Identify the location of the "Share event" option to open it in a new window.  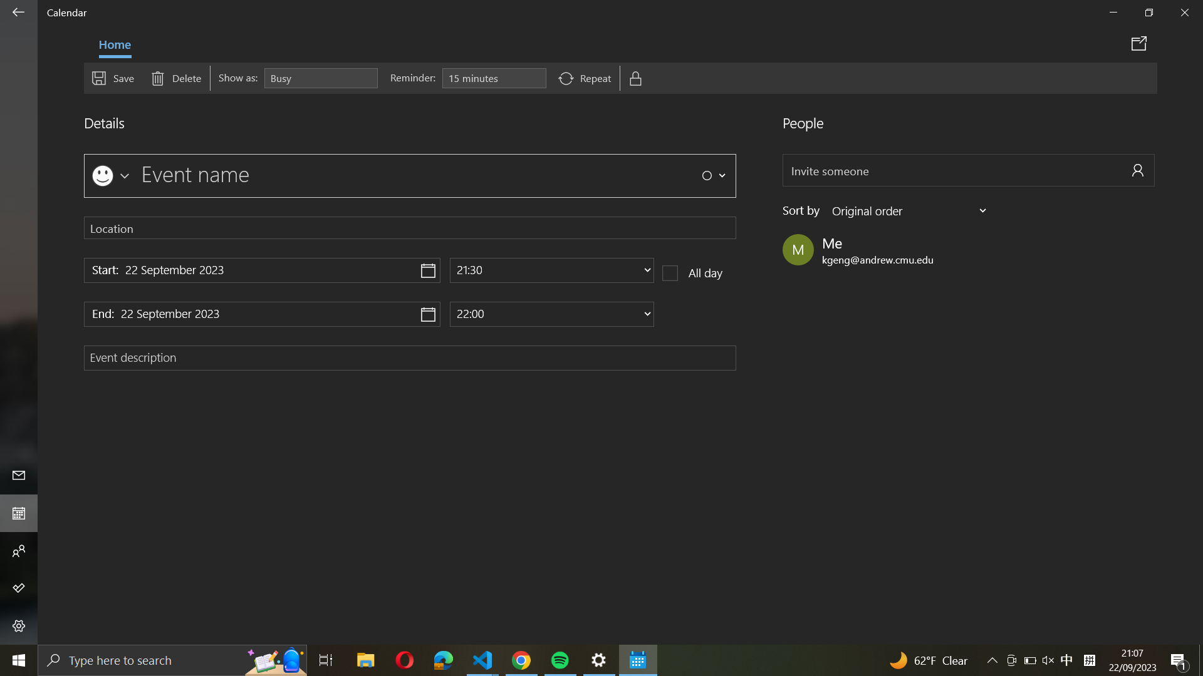
(1141, 43).